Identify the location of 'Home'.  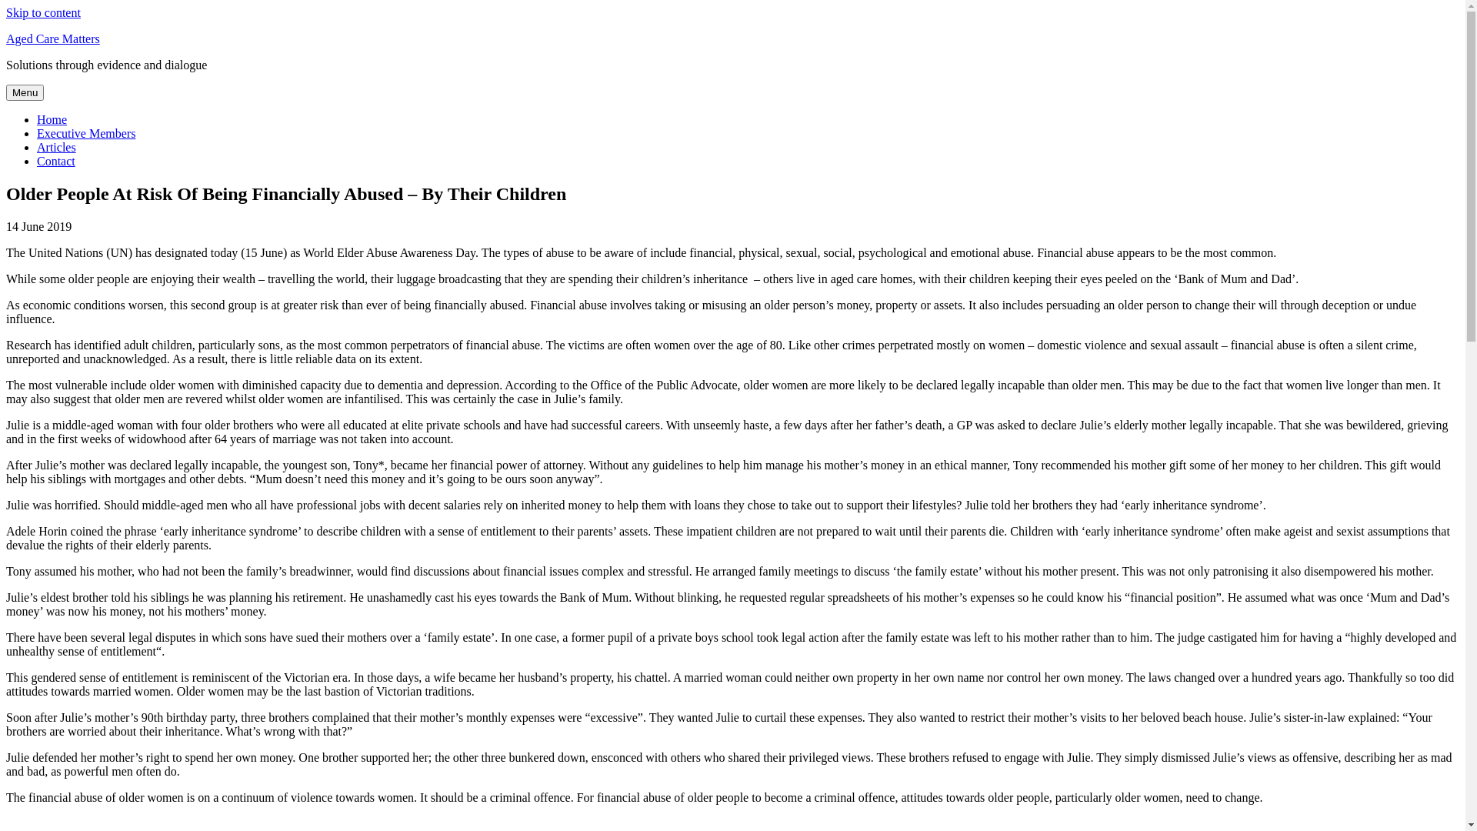
(37, 118).